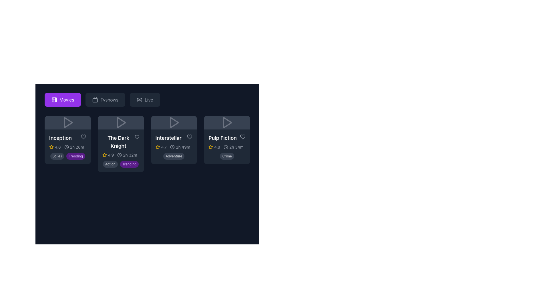 The image size is (549, 308). Describe the element at coordinates (225, 147) in the screenshot. I see `the decorative clock icon indicating the duration of the movie 'Pulp Fiction', located to the left of the text '2h 34m'` at that location.